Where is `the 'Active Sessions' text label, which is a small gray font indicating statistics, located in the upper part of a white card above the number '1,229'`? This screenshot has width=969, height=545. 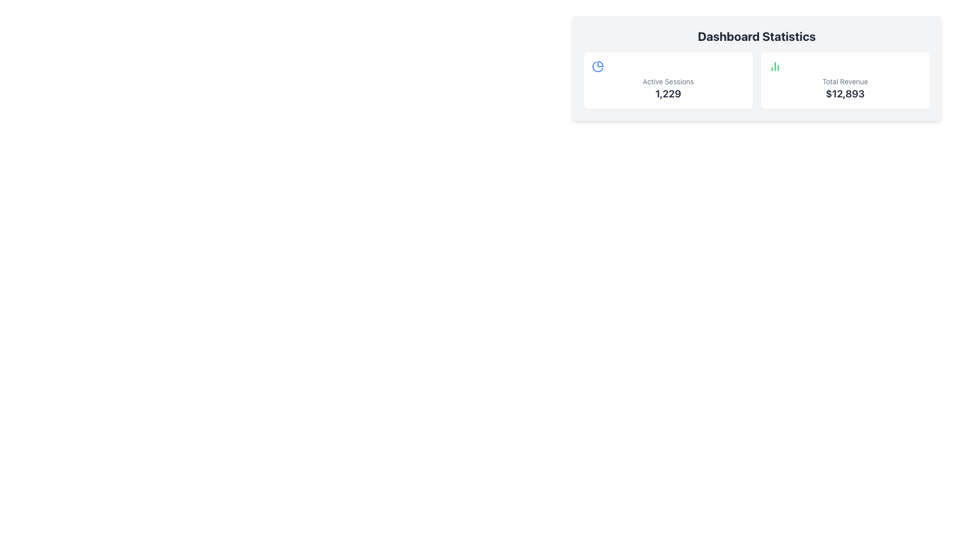 the 'Active Sessions' text label, which is a small gray font indicating statistics, located in the upper part of a white card above the number '1,229' is located at coordinates (668, 81).